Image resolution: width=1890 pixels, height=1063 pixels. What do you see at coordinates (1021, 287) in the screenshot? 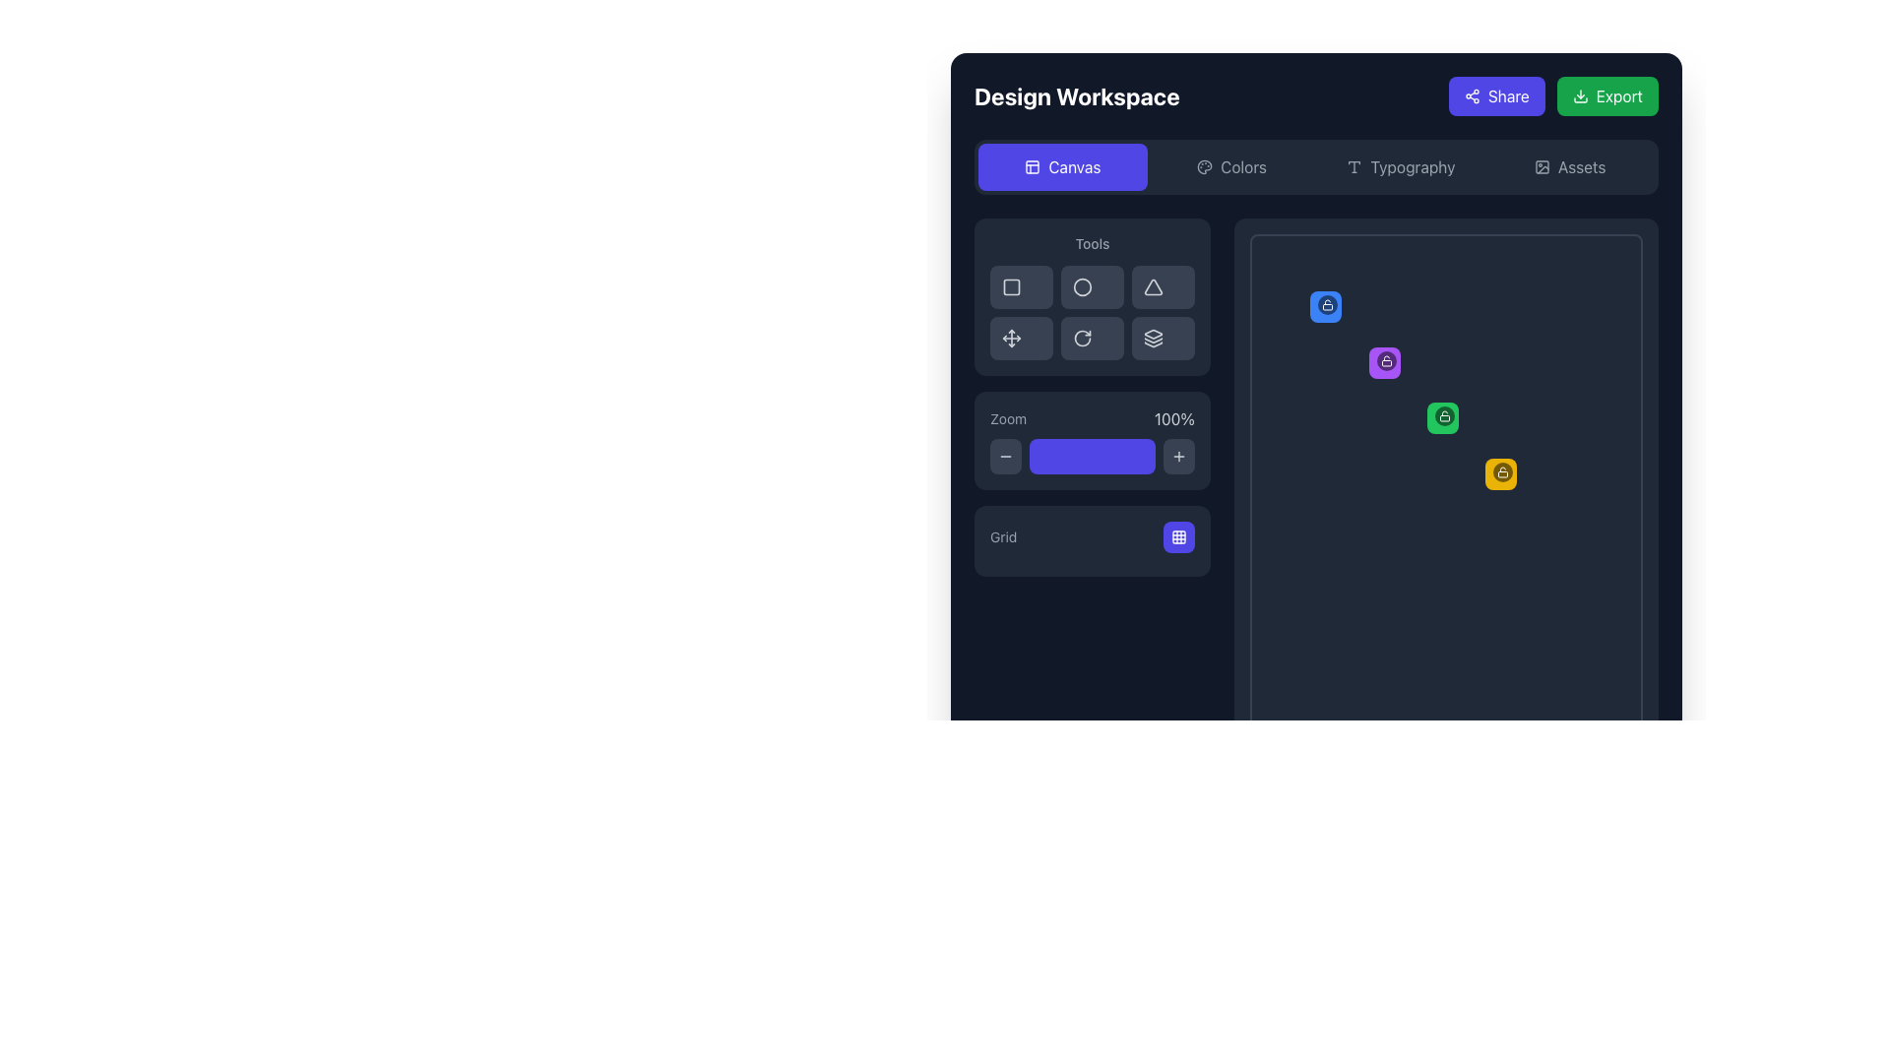
I see `the button in the first column and first row of the Tools section` at bounding box center [1021, 287].